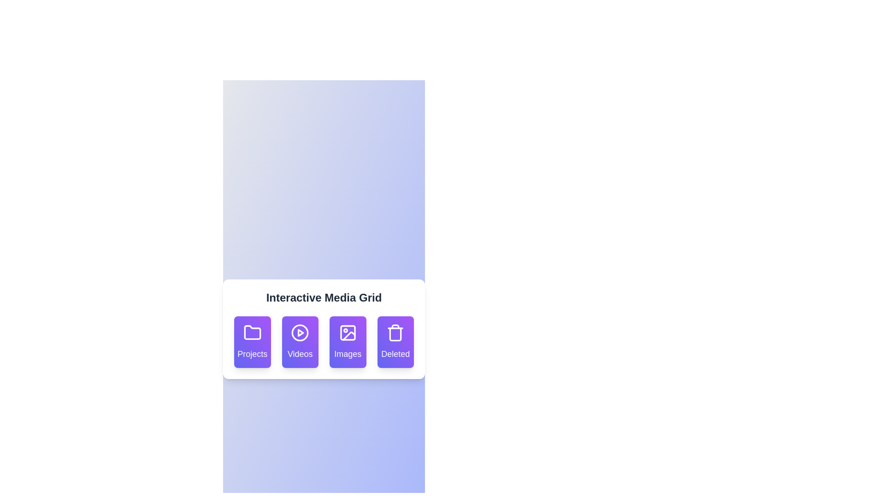 The image size is (885, 498). Describe the element at coordinates (301, 332) in the screenshot. I see `the right-pointing triangular play icon located at the center of the 'Videos' button, which is the second button in a row of four buttons at the bottom of the visible card` at that location.